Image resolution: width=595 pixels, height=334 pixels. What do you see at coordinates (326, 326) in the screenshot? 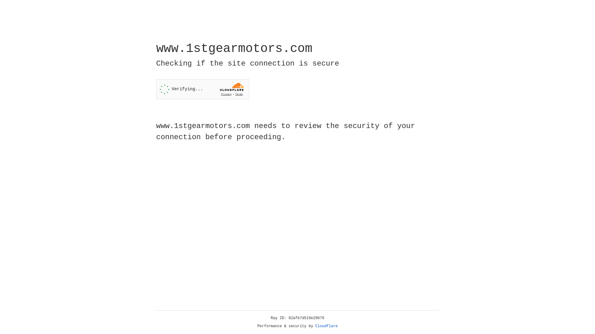
I see `'Cloudflare'` at bounding box center [326, 326].